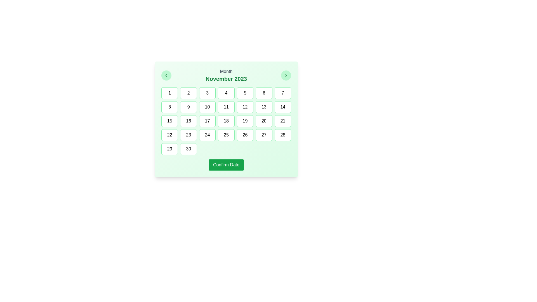 Image resolution: width=537 pixels, height=302 pixels. What do you see at coordinates (188, 121) in the screenshot?
I see `the button representing the 16th day in the calendar interface` at bounding box center [188, 121].